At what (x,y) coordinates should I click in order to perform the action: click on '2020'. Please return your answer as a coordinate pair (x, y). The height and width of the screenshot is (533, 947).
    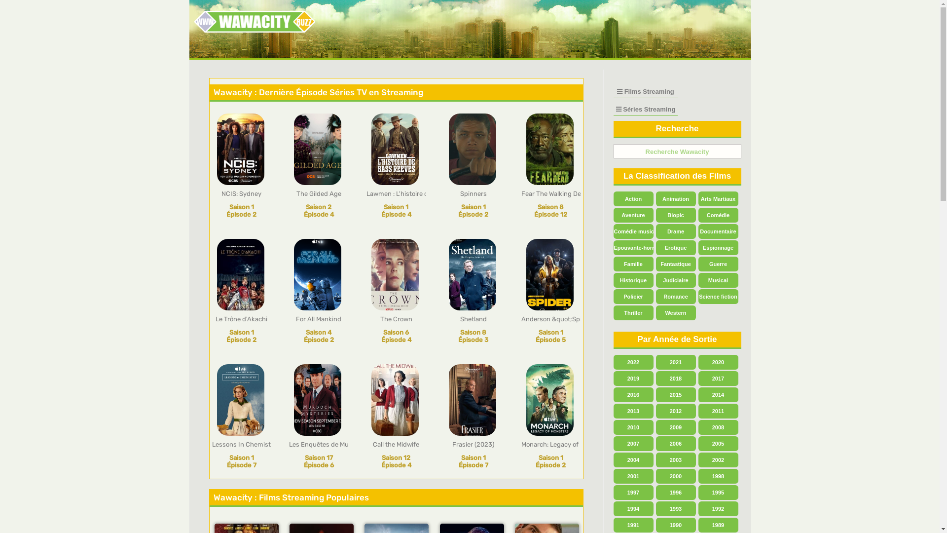
    Looking at the image, I should click on (718, 362).